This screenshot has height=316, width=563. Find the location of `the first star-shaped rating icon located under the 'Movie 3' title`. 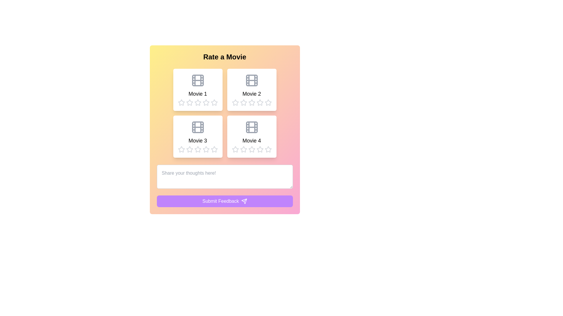

the first star-shaped rating icon located under the 'Movie 3' title is located at coordinates (181, 149).